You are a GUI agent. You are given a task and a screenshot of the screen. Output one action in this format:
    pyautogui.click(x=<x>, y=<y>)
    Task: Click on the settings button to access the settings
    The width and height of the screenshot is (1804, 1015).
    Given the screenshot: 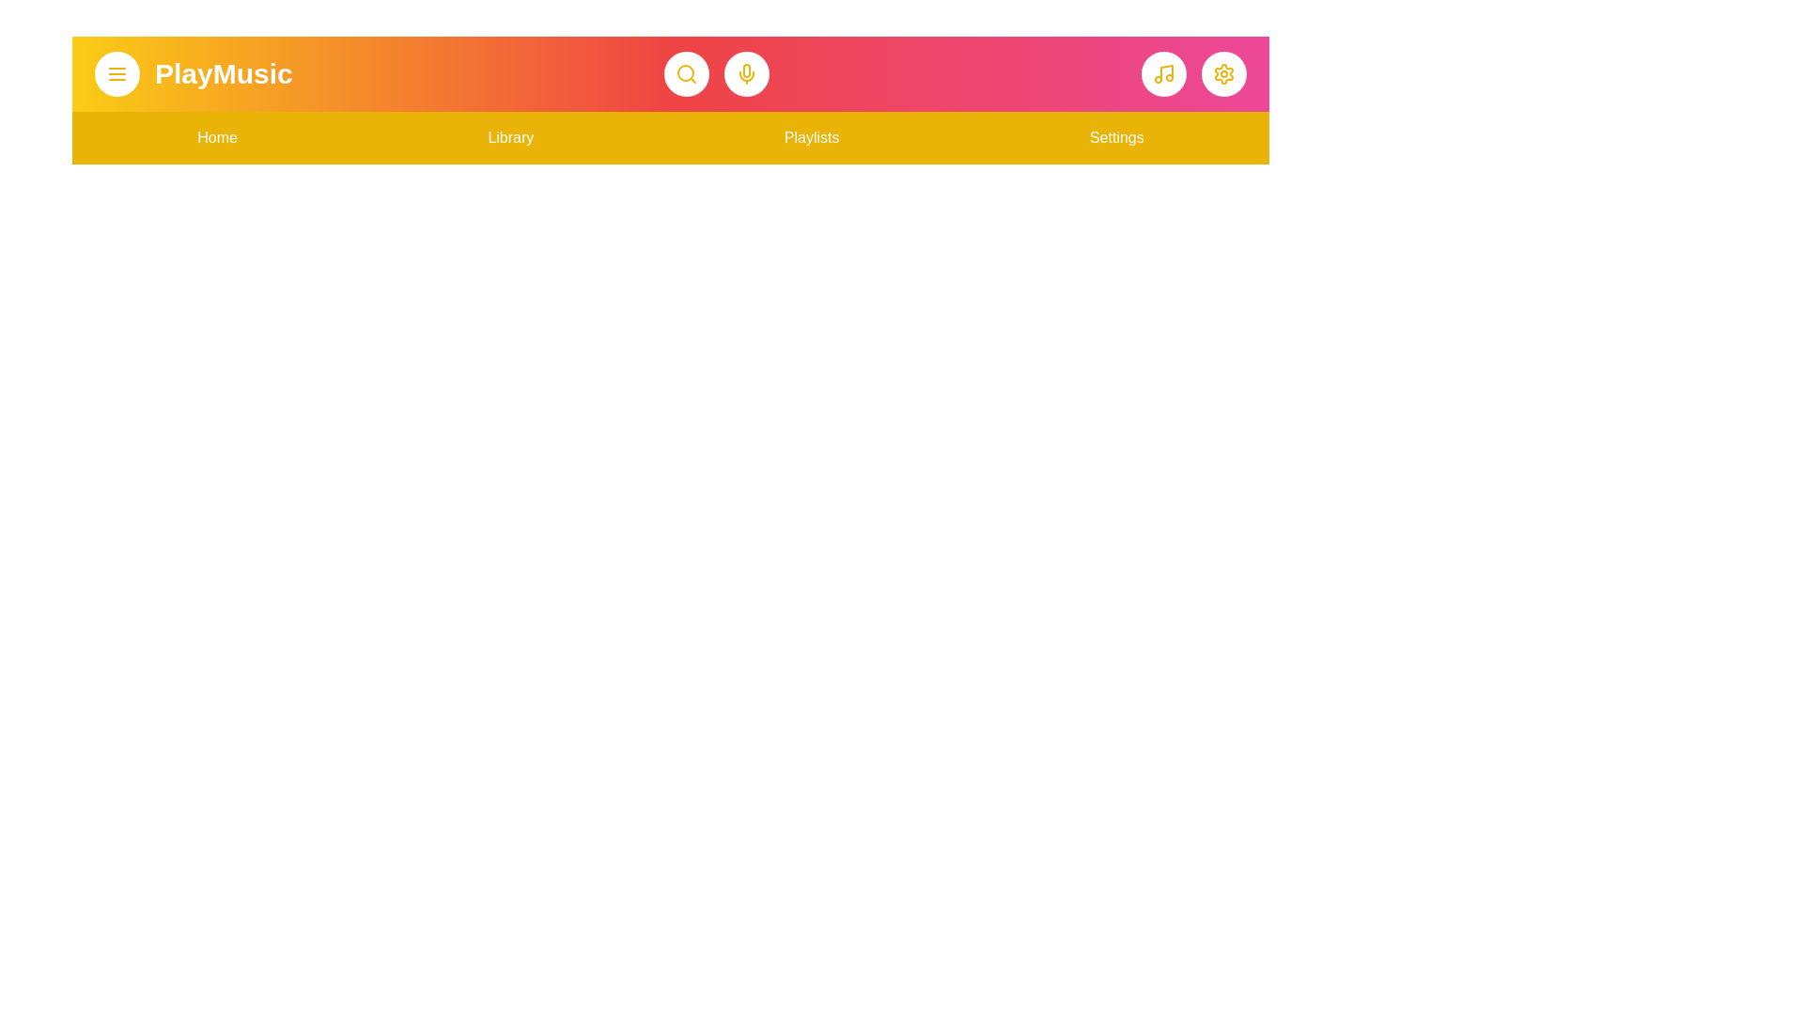 What is the action you would take?
    pyautogui.click(x=1223, y=72)
    